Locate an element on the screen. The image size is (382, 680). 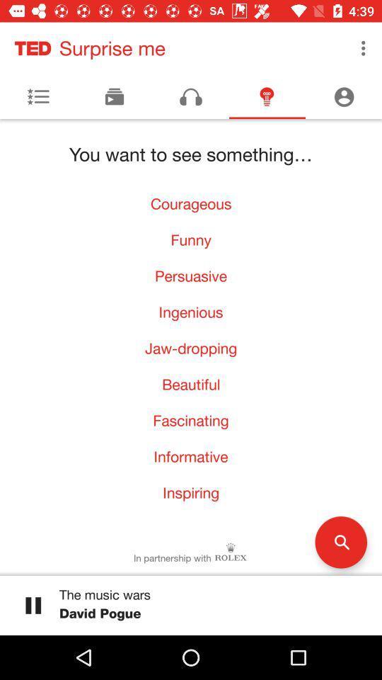
fascinating is located at coordinates (191, 420).